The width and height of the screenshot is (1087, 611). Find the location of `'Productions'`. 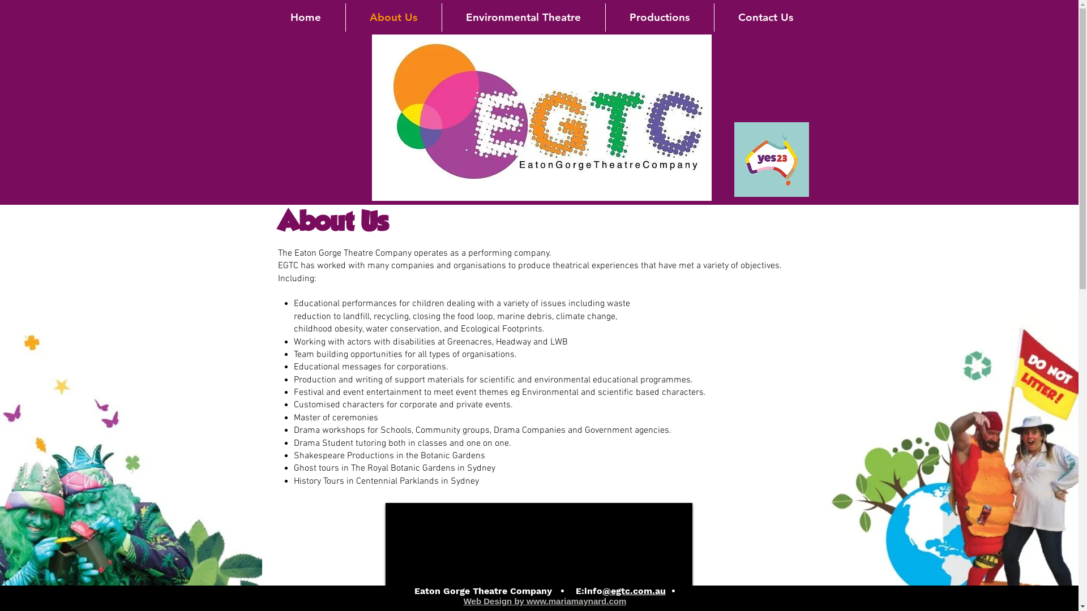

'Productions' is located at coordinates (605, 17).